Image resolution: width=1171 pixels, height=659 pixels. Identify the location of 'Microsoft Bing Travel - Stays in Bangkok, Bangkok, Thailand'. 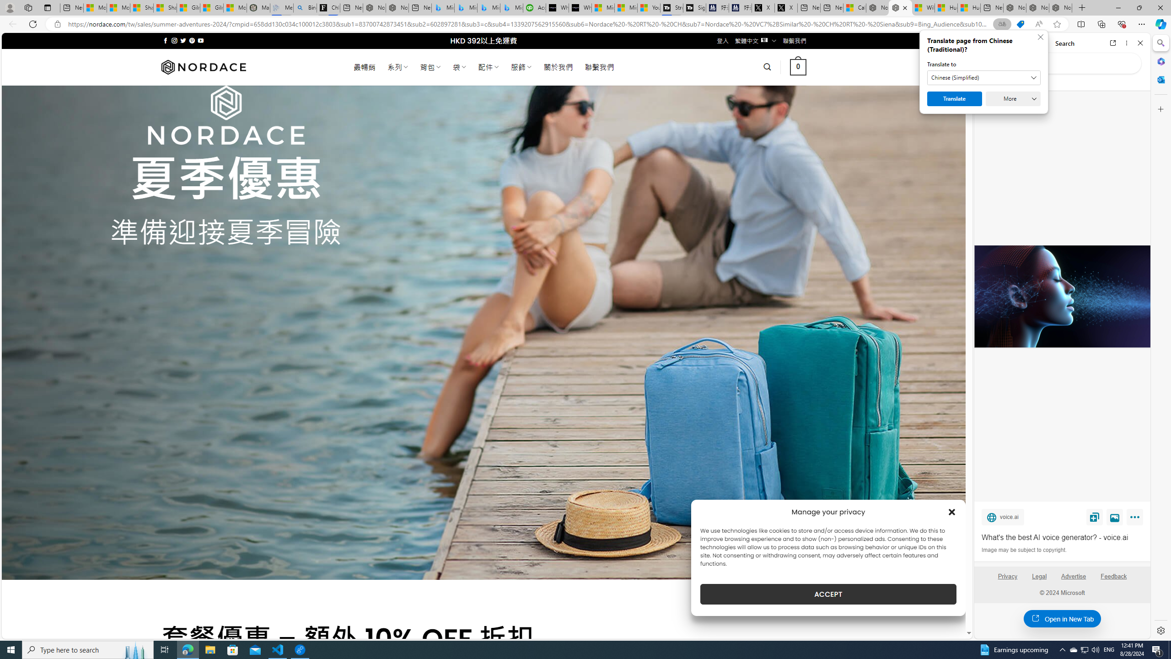
(466, 7).